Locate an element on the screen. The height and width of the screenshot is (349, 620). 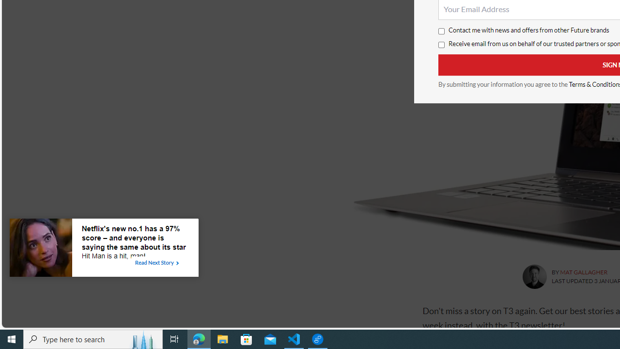
'Image for Taboola Advertising Unit' is located at coordinates (40, 249).